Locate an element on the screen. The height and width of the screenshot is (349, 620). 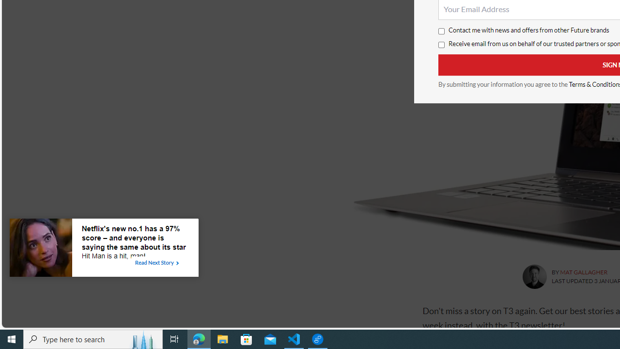
'Image for Taboola Advertising Unit' is located at coordinates (40, 249).